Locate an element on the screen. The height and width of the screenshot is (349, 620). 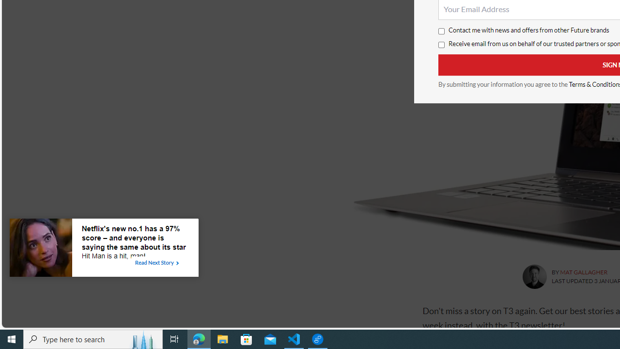
'Image for Taboola Advertising Unit' is located at coordinates (40, 249).